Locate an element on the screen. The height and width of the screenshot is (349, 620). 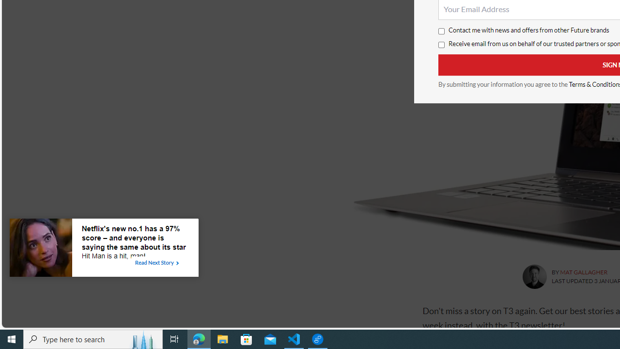
'Image for Taboola Advertising Unit' is located at coordinates (40, 249).